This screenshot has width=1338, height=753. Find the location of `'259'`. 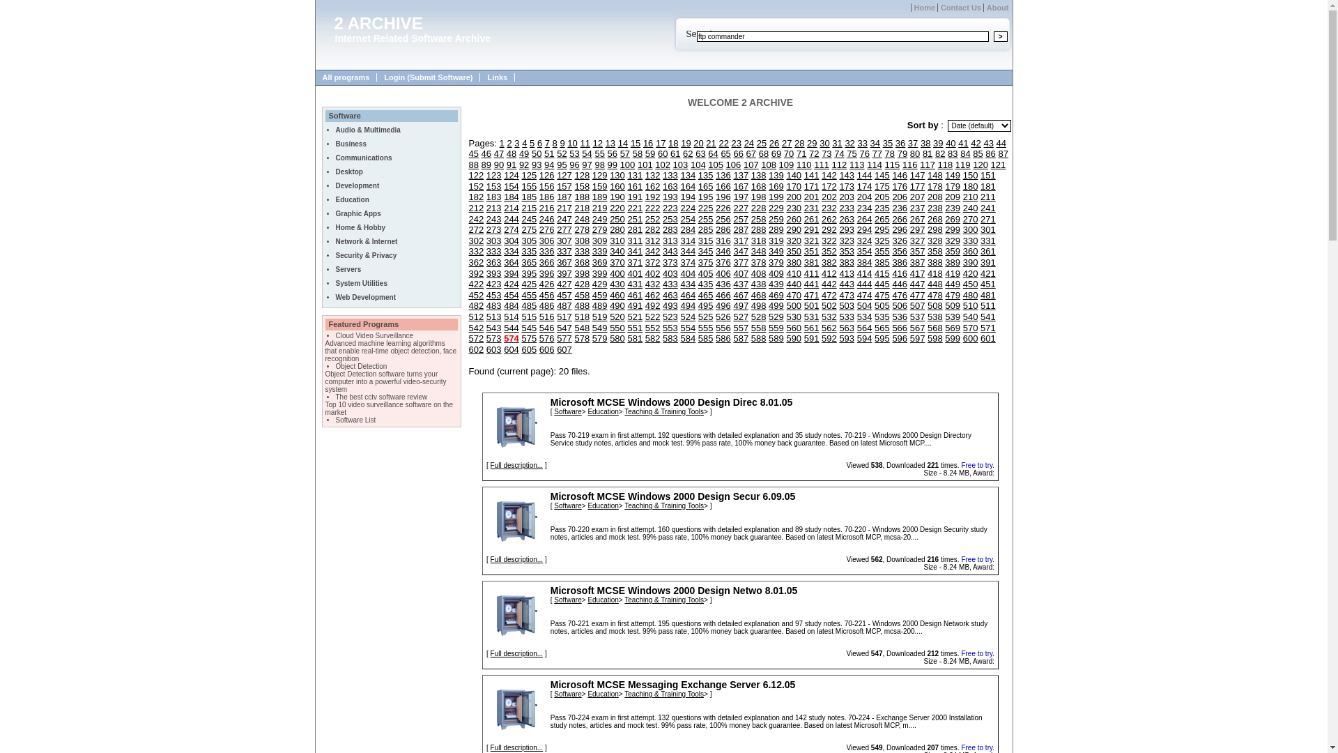

'259' is located at coordinates (775, 219).